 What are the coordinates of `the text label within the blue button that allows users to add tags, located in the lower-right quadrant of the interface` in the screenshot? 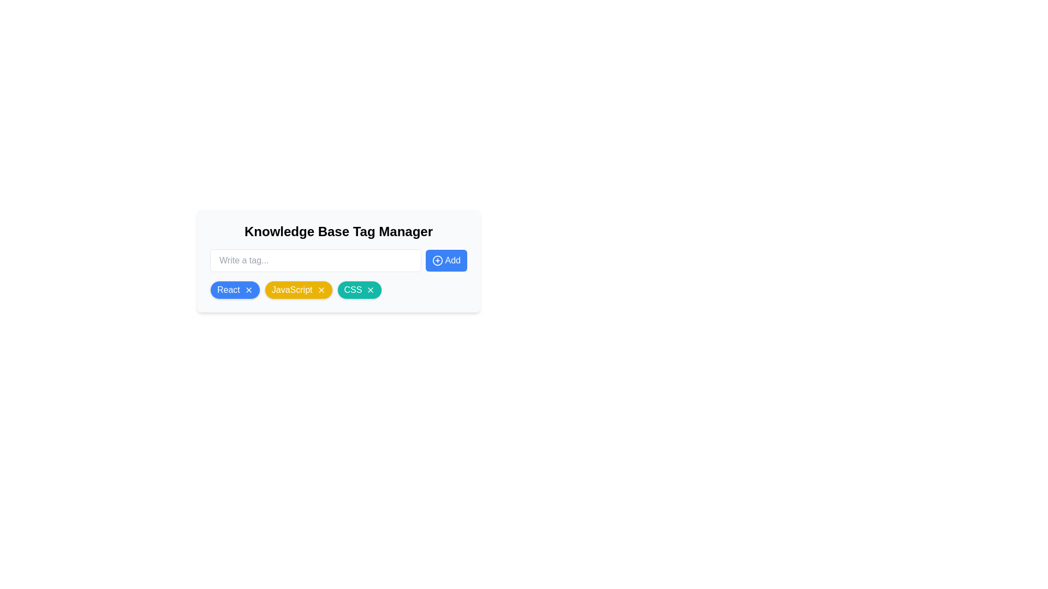 It's located at (452, 261).